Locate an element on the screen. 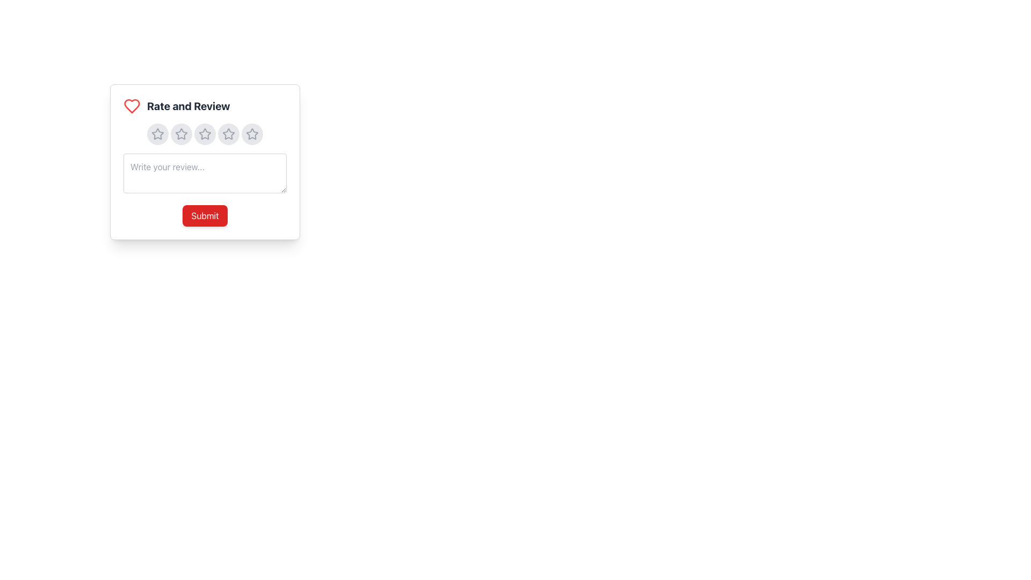  the fifth star icon is located at coordinates (252, 133).